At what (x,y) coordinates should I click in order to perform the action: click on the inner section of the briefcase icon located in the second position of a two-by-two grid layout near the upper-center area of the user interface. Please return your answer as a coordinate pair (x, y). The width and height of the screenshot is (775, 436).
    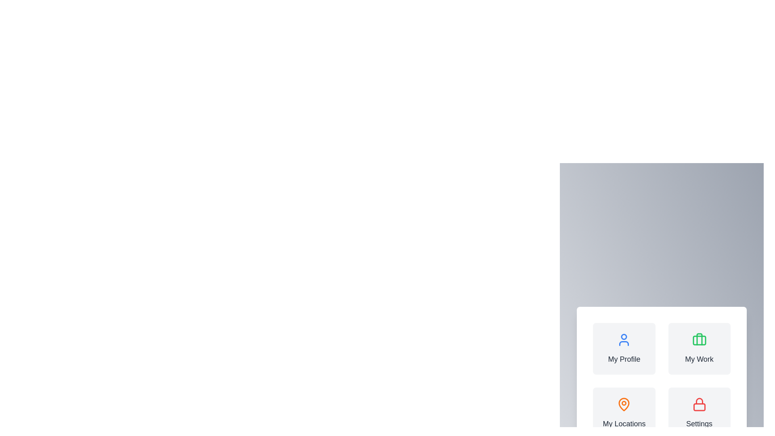
    Looking at the image, I should click on (699, 340).